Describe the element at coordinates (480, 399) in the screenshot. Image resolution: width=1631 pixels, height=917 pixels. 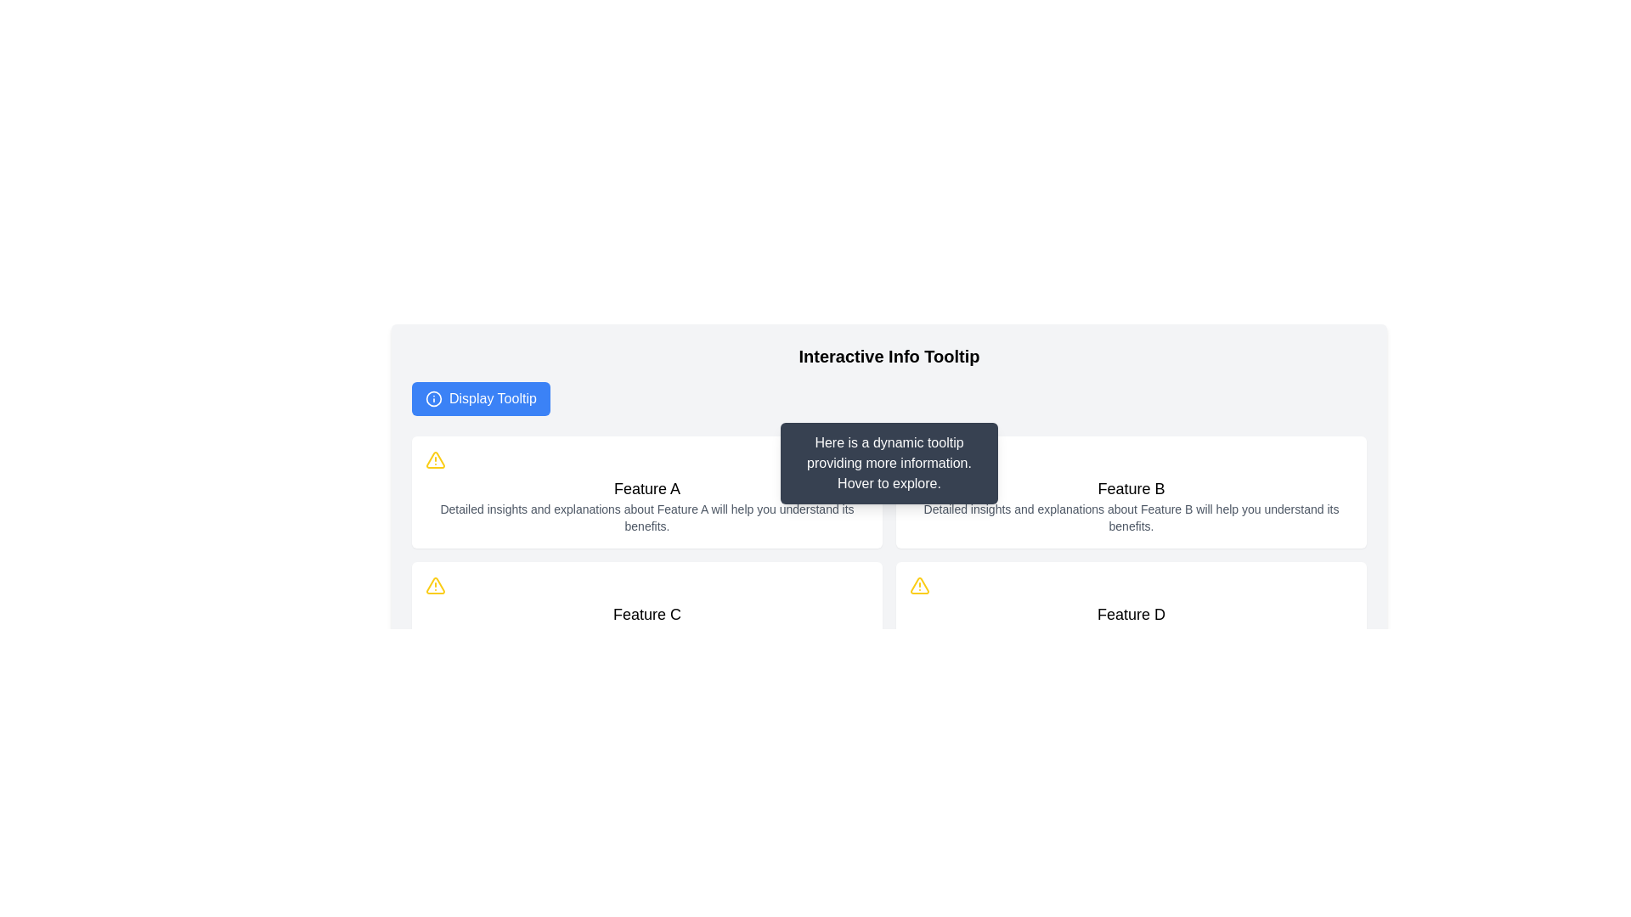
I see `the blue button labeled 'Display Tooltip' with a white text and an info icon` at that location.